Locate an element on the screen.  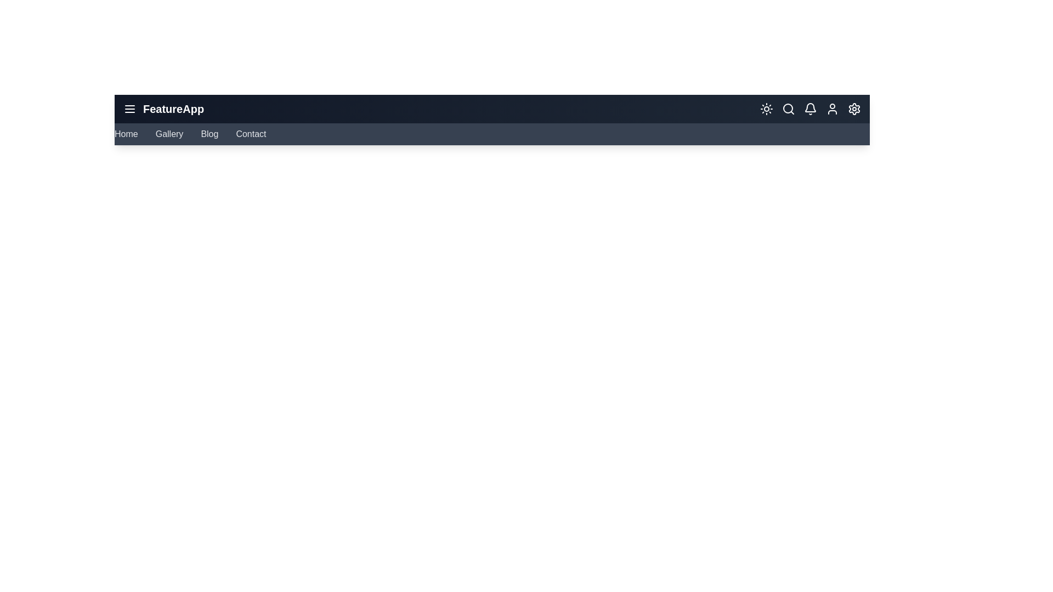
the 'Notifications' icon in the app bar is located at coordinates (811, 109).